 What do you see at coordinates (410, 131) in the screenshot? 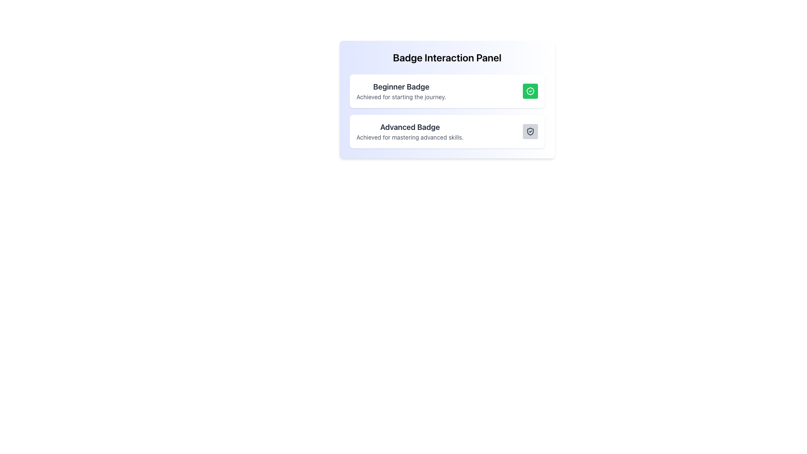
I see `the text block that describes the 'Advanced Badge' located within the lower card of the 'Badge Interaction Panel.'` at bounding box center [410, 131].